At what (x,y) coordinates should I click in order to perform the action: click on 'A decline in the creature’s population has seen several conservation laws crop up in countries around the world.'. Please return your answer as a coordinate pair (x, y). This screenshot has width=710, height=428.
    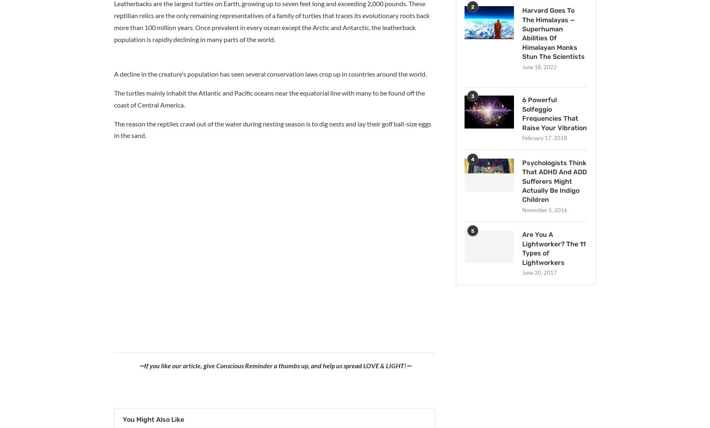
    Looking at the image, I should click on (270, 74).